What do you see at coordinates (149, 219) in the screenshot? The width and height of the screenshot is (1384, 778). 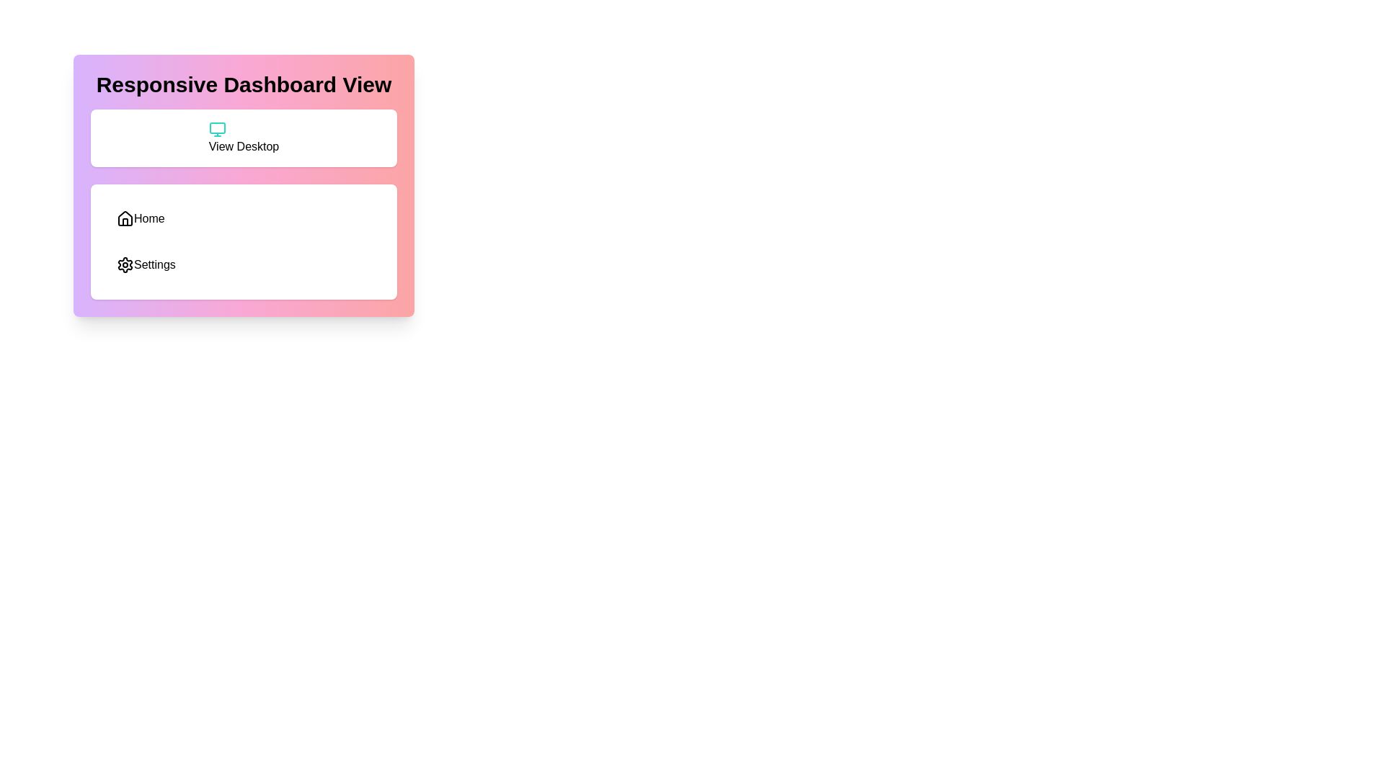 I see `the 'Home' text label in the menu section, which is styled in a clear font and is adjacent to a house icon` at bounding box center [149, 219].